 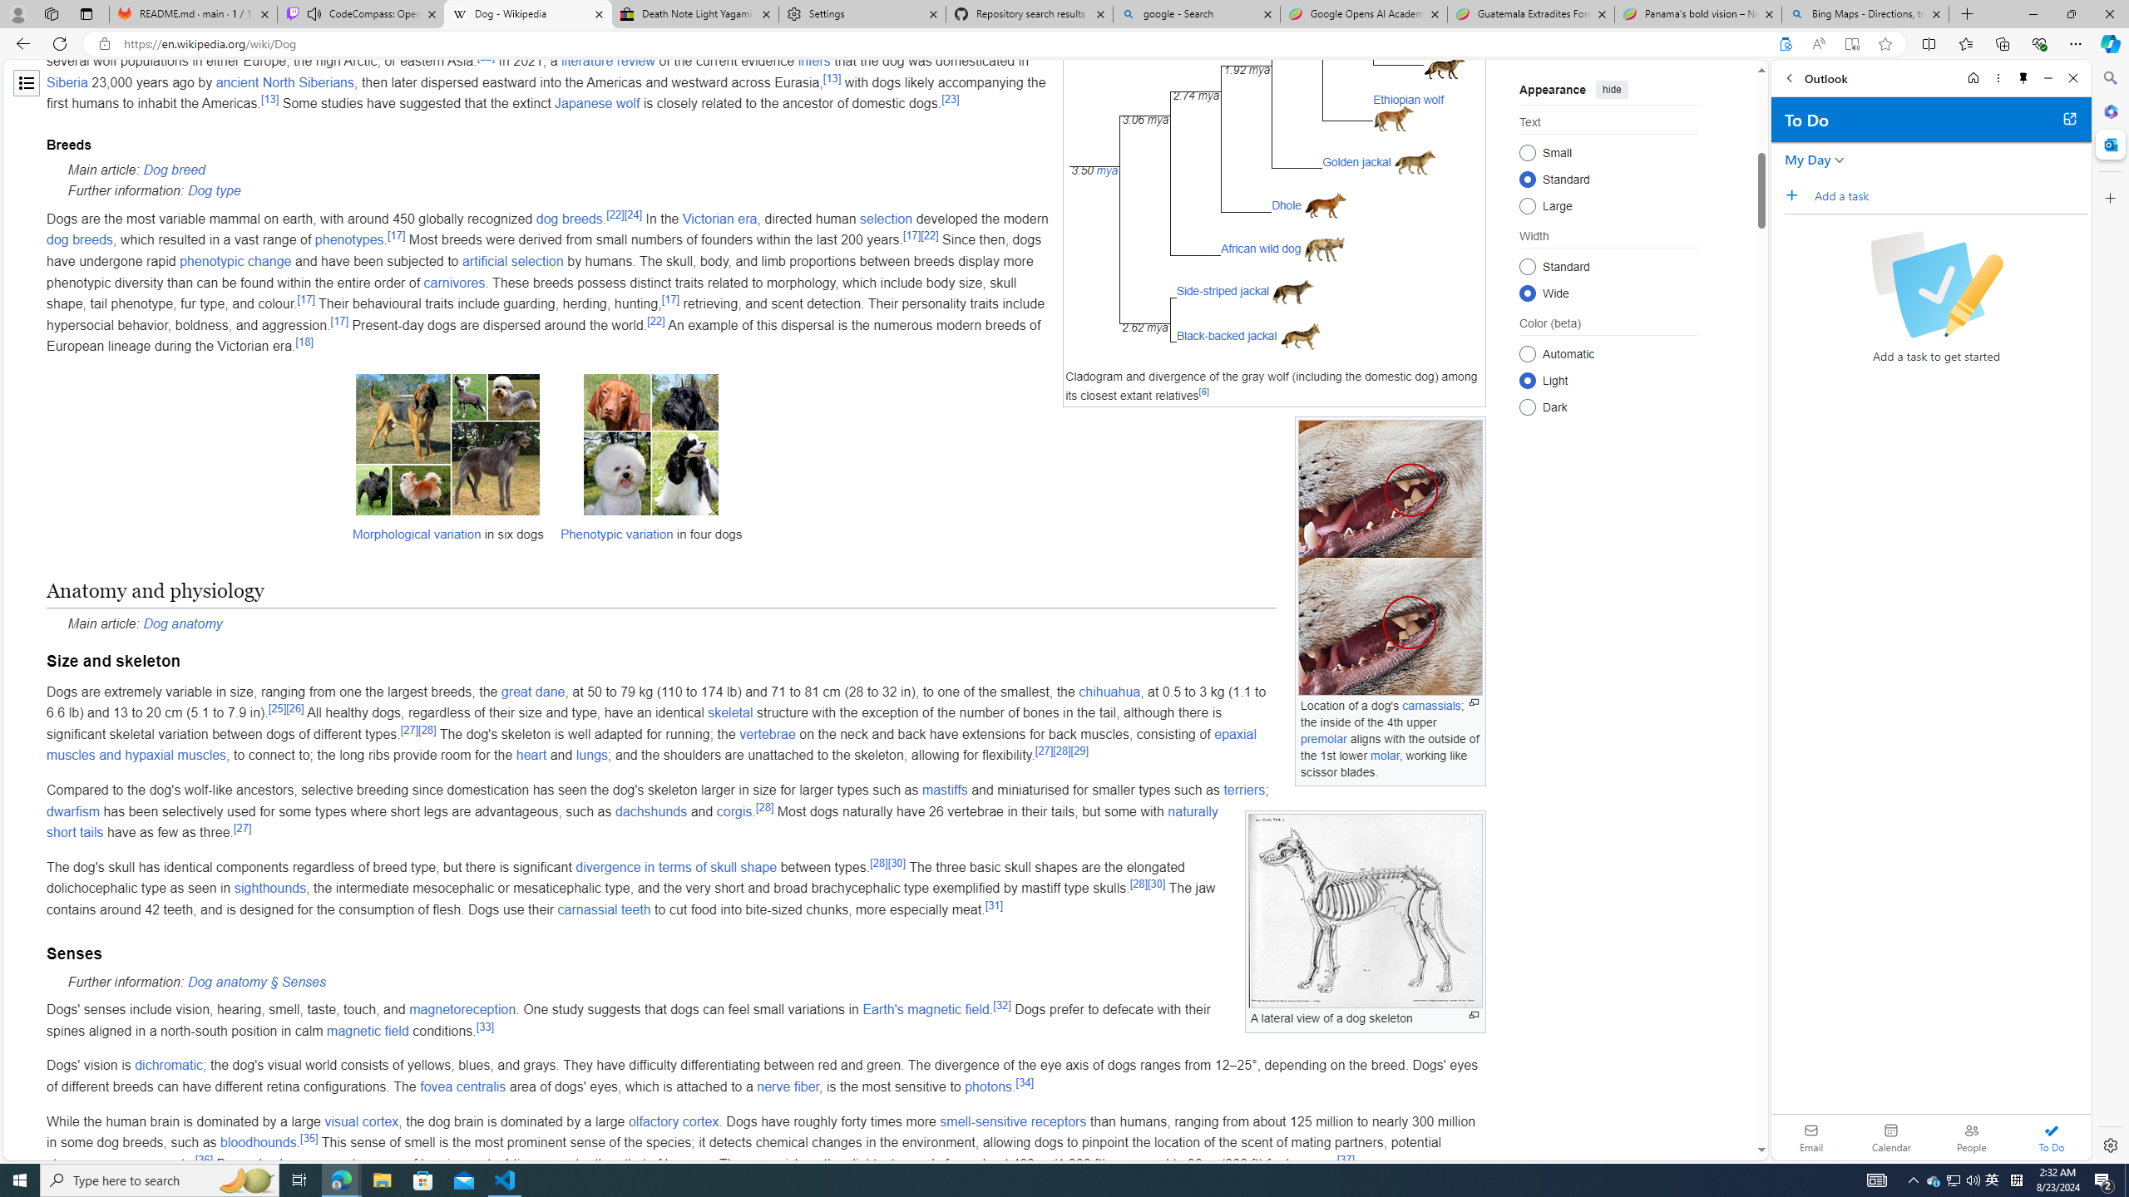 I want to click on 'Large', so click(x=1526, y=204).